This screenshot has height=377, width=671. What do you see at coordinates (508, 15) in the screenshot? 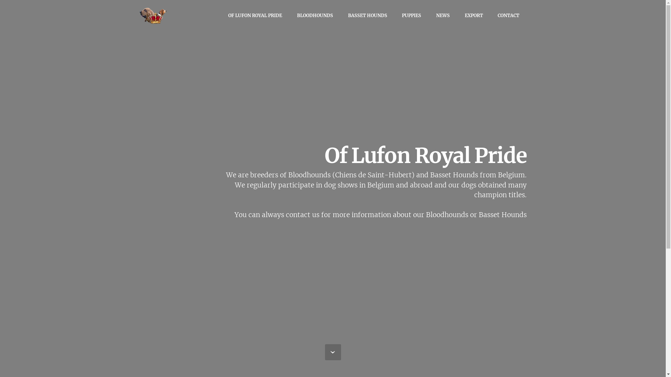
I see `'CONTACT'` at bounding box center [508, 15].